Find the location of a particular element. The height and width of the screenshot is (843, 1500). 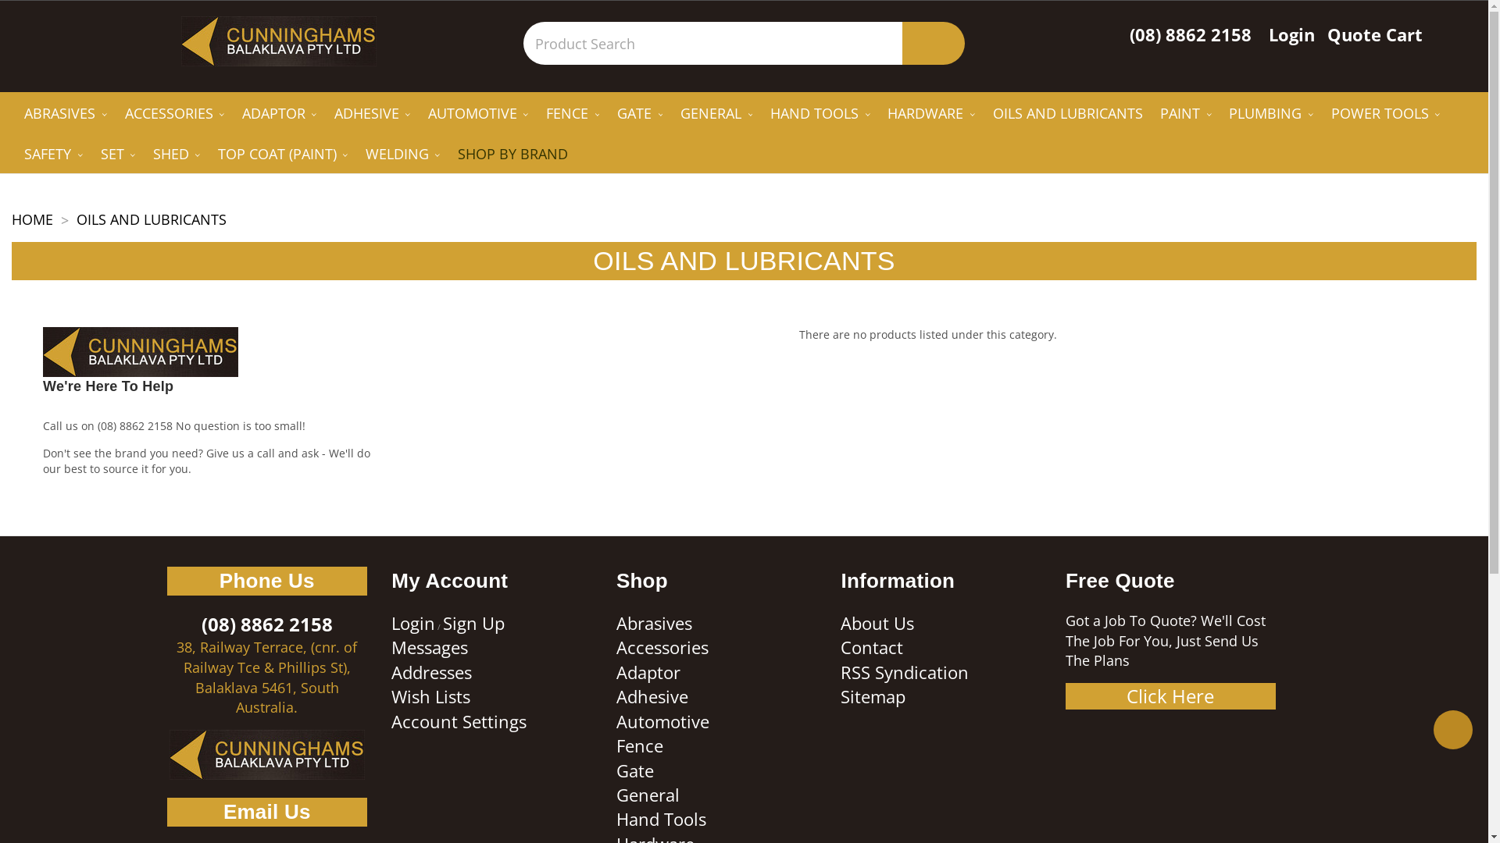

'RSS Syndication' is located at coordinates (904, 670).